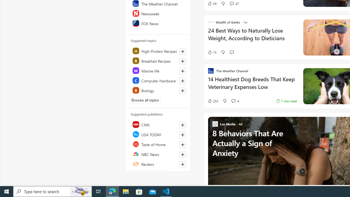  Describe the element at coordinates (232, 52) in the screenshot. I see `'Start the conversation'` at that location.